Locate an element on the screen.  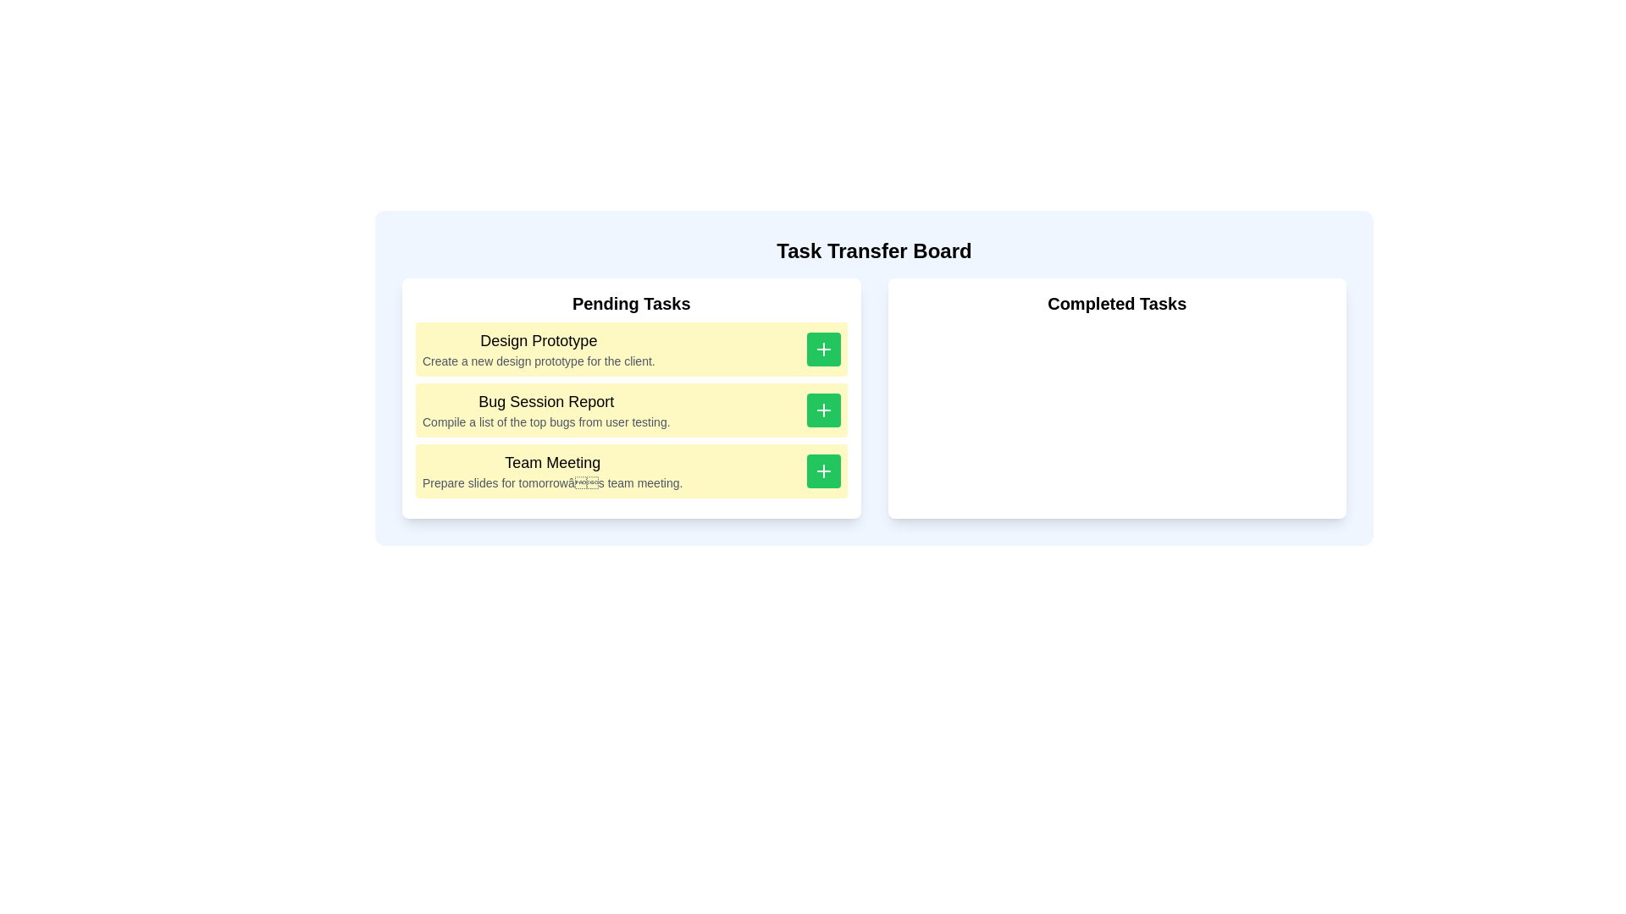
'+' button for the task 'Bug Session Report' to move it to 'Completed Tasks' is located at coordinates (823, 410).